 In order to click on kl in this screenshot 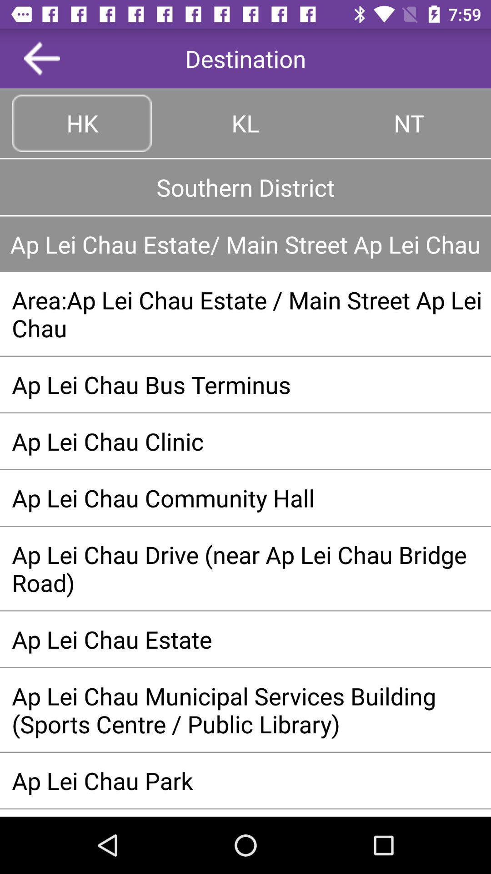, I will do `click(245, 122)`.